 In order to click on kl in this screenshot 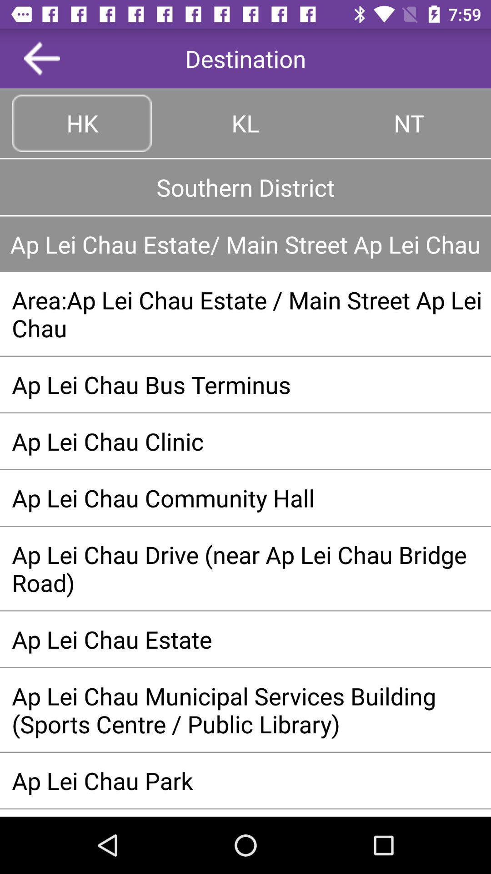, I will do `click(245, 122)`.